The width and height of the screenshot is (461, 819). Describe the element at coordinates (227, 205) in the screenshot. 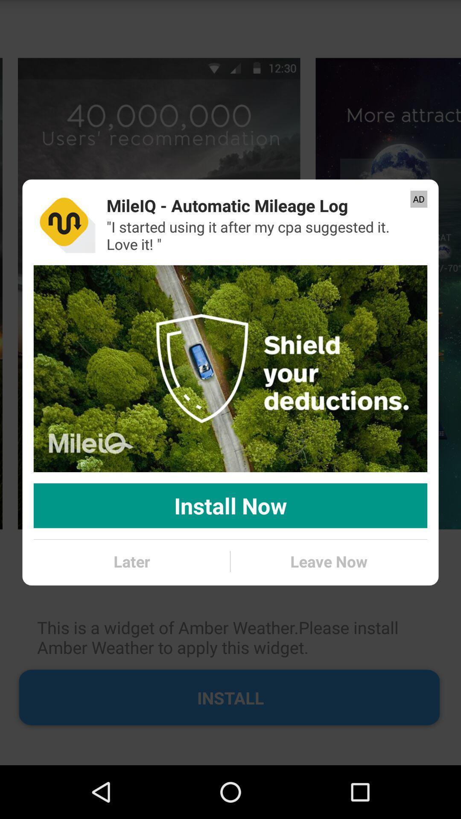

I see `the icon next to ad item` at that location.